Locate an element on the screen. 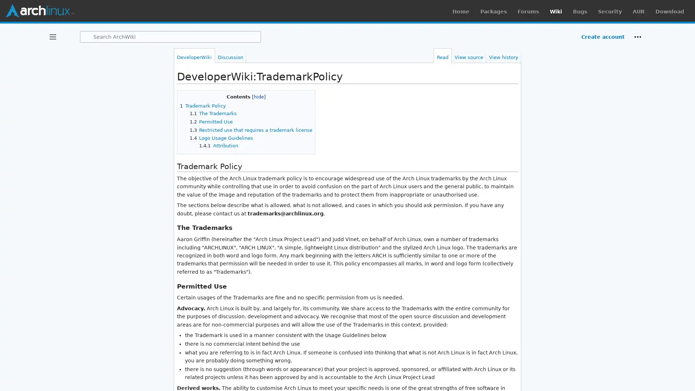 The image size is (695, 391). Search is located at coordinates (87, 37).